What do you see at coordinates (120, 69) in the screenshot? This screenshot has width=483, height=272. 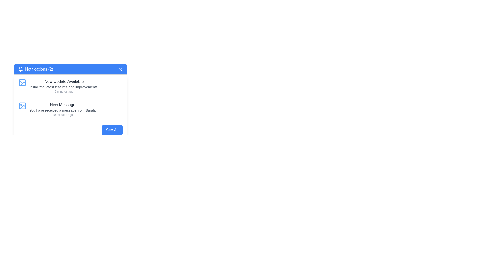 I see `the close button with an 'X' icon located at the top right corner of the 'Notifications (2)' header to trigger the tooltip or visual feedback` at bounding box center [120, 69].